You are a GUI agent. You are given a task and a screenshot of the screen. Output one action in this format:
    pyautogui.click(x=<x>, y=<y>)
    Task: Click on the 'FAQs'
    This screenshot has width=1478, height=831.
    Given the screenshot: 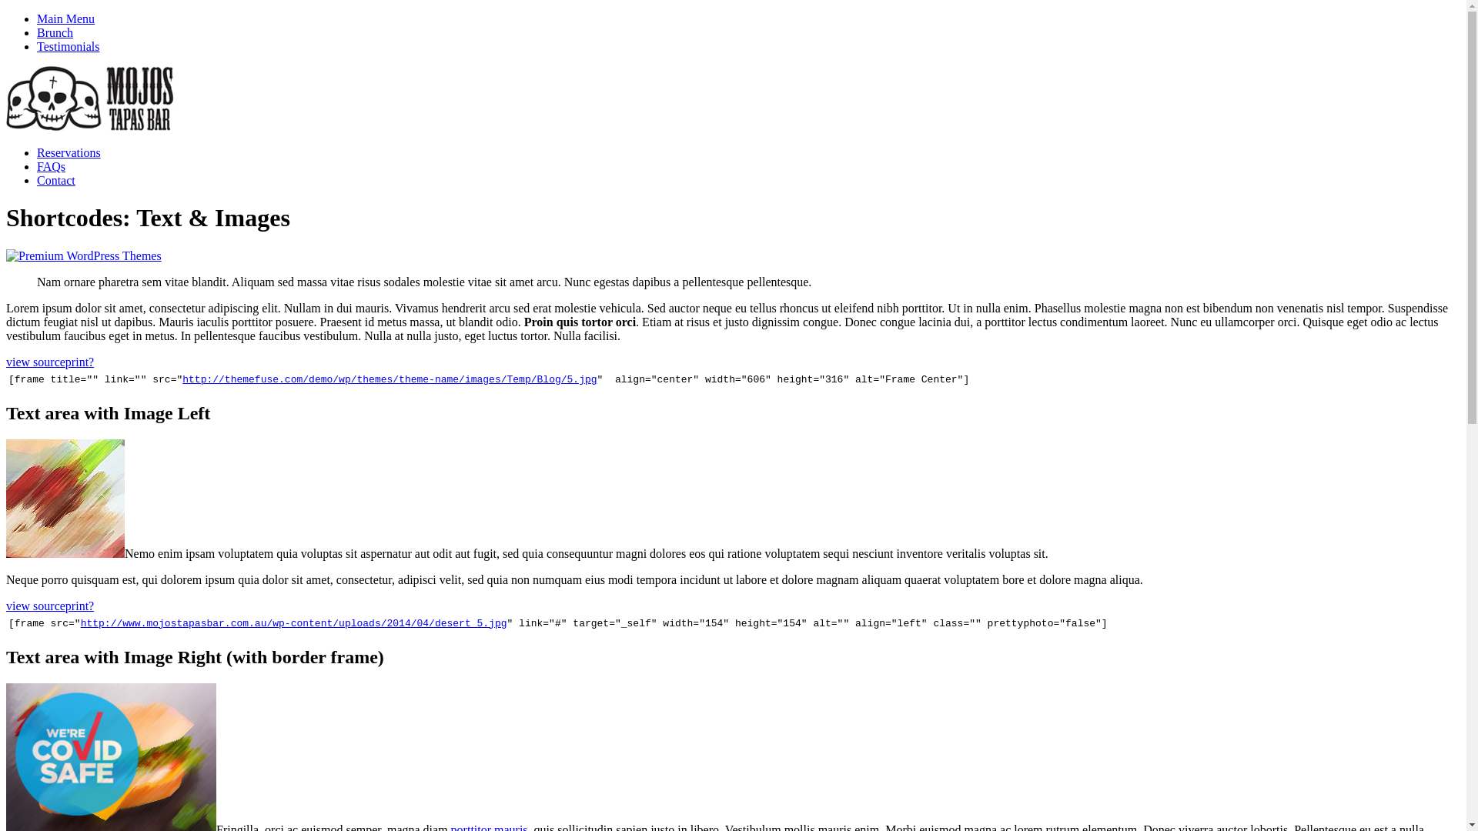 What is the action you would take?
    pyautogui.click(x=51, y=166)
    